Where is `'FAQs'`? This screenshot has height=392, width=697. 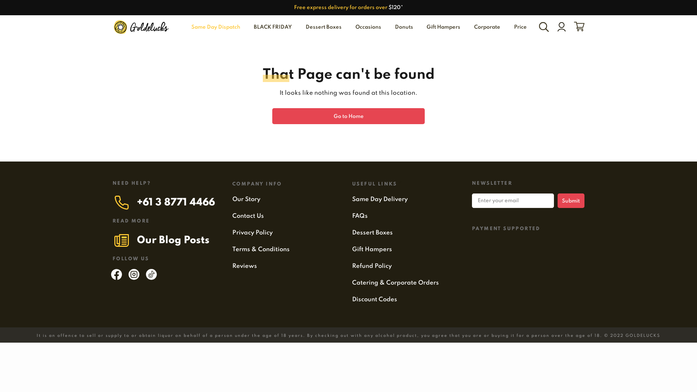 'FAQs' is located at coordinates (360, 215).